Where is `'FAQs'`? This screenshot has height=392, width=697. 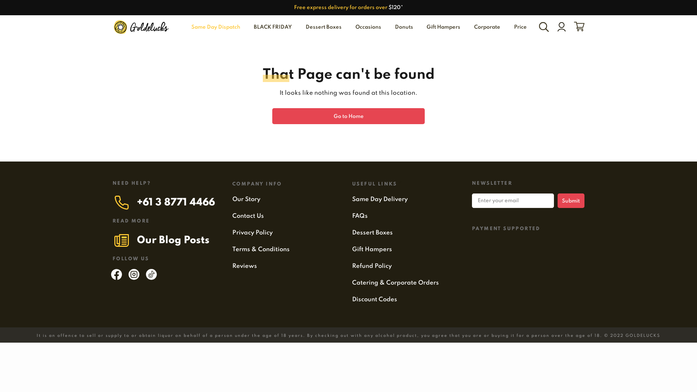 'FAQs' is located at coordinates (360, 215).